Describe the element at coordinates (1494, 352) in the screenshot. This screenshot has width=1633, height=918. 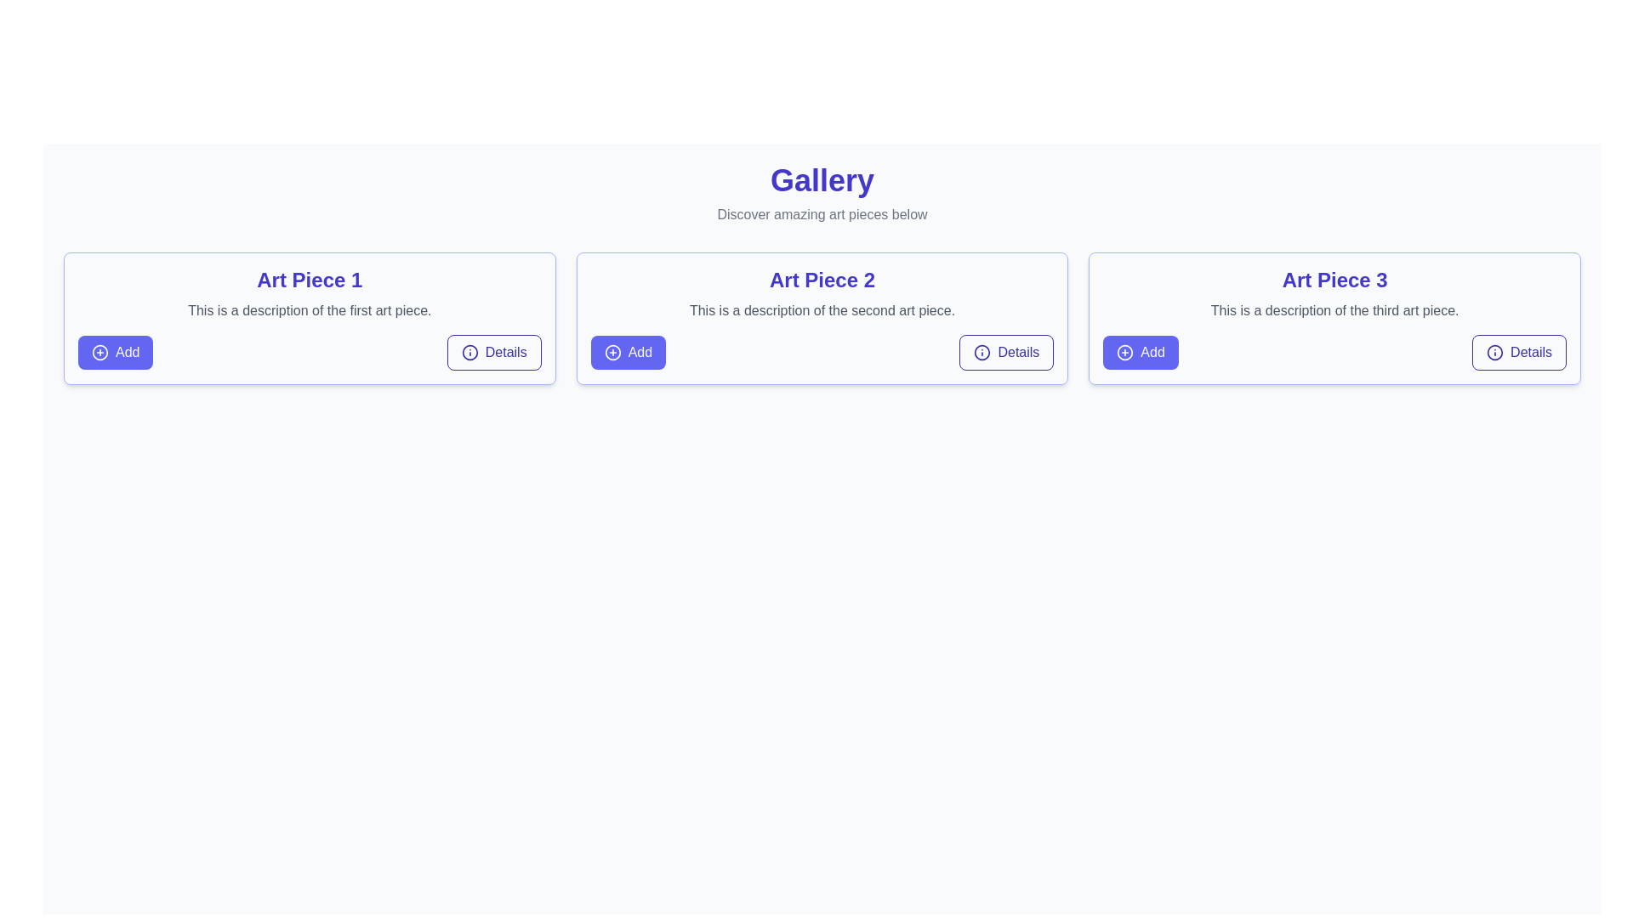
I see `the Icon element (circle) that represents an information symbol, located within the button labeled 'Details' on the third card titled 'Art Piece 3'` at that location.